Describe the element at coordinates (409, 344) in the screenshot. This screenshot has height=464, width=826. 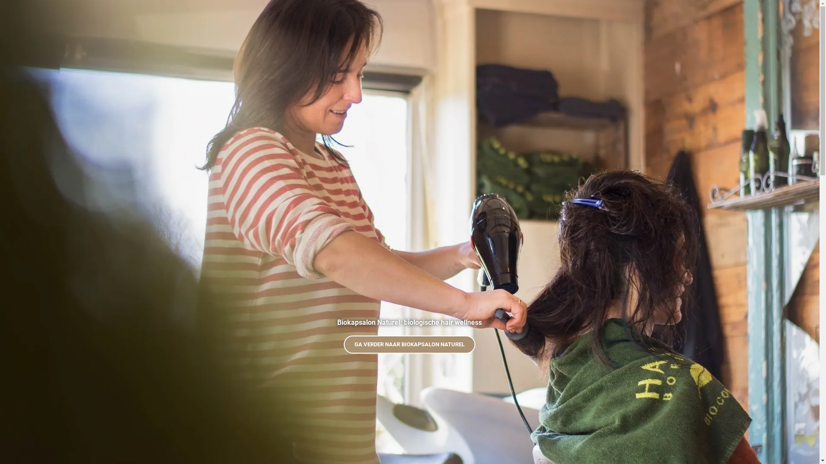
I see `'GA VERDER NAAR BIOKAPSALON NATUREL'` at that location.